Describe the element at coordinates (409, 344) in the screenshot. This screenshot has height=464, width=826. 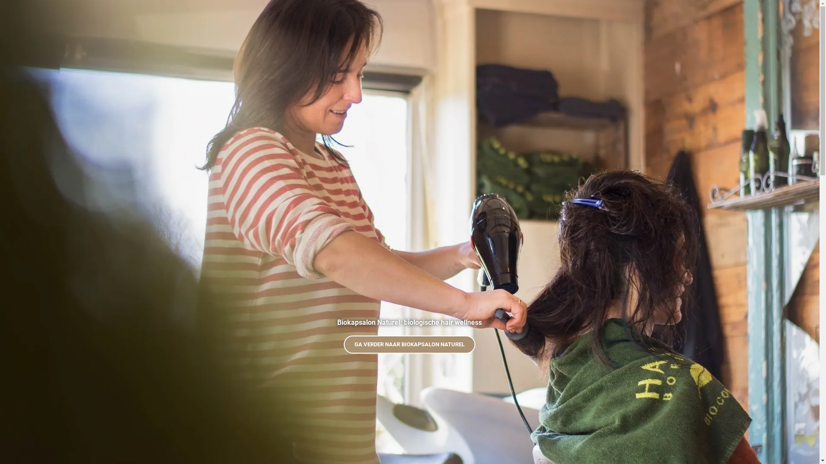
I see `'GA VERDER NAAR BIOKAPSALON NATUREL'` at that location.